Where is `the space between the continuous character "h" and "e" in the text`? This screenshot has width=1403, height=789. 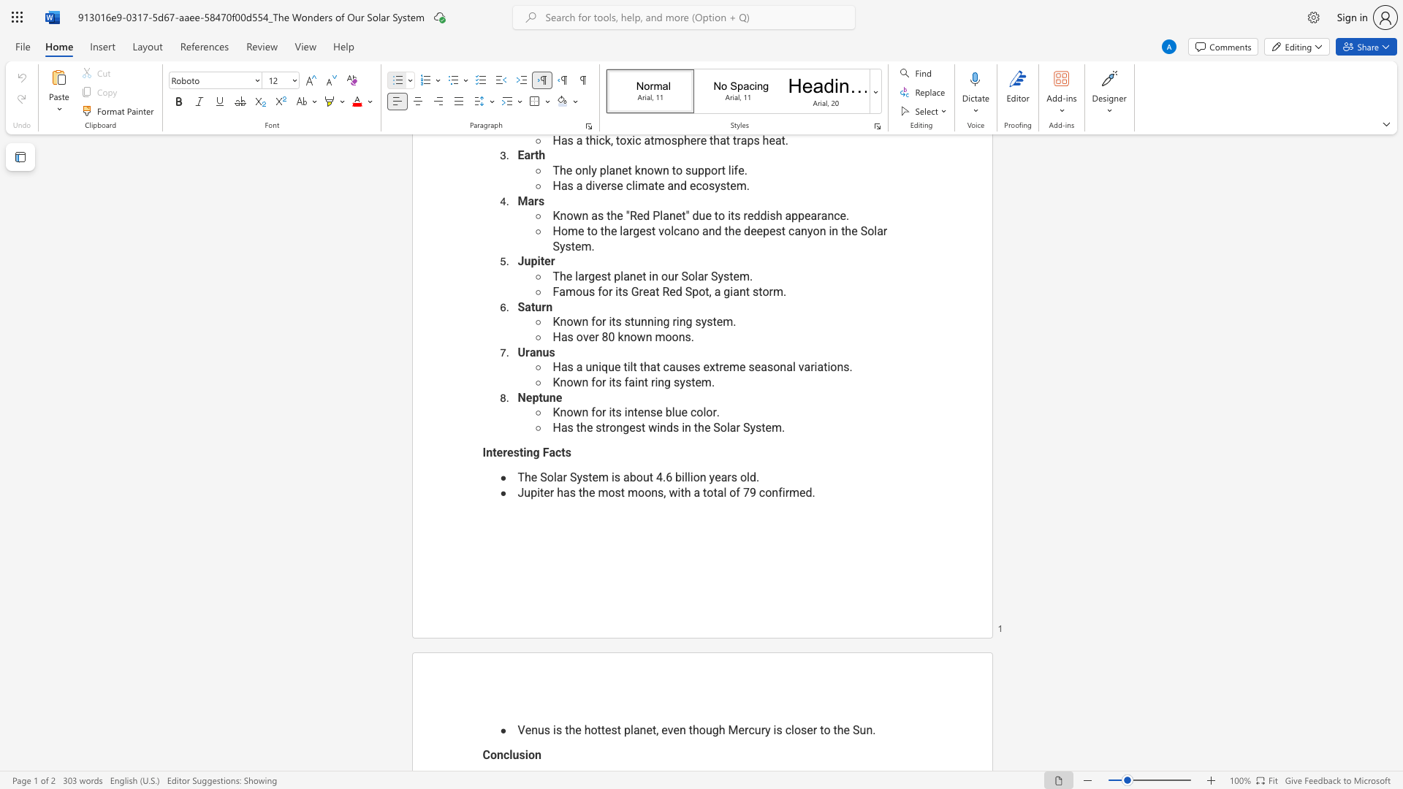
the space between the continuous character "h" and "e" in the text is located at coordinates (588, 492).